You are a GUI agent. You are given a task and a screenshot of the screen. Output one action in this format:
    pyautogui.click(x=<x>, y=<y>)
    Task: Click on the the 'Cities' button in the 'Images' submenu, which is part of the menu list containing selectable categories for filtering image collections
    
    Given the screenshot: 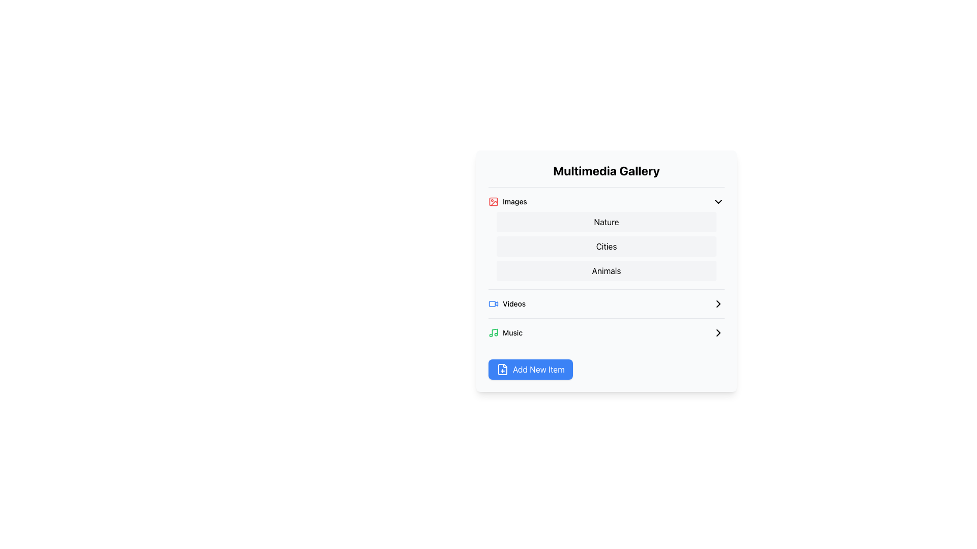 What is the action you would take?
    pyautogui.click(x=606, y=247)
    